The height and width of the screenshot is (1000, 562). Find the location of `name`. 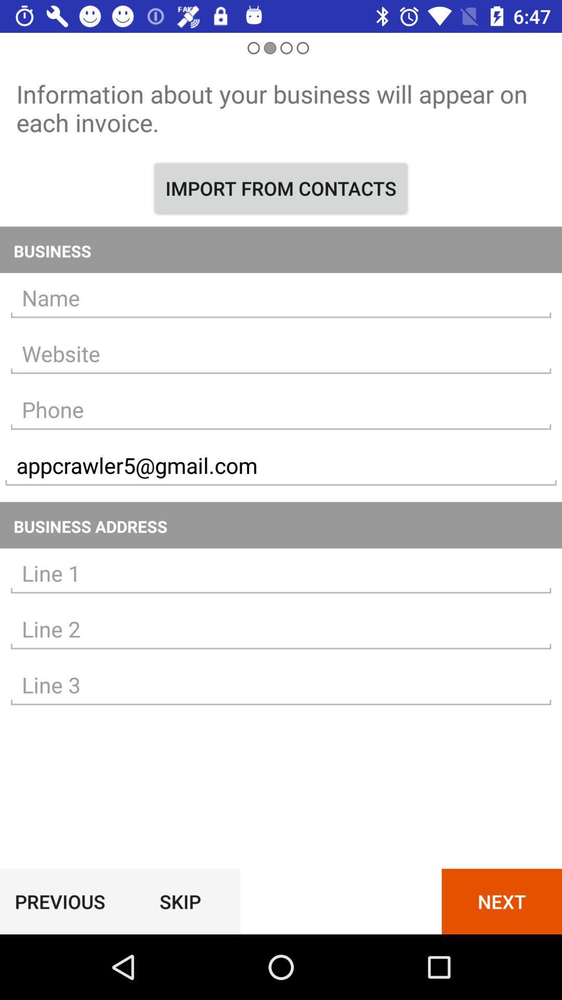

name is located at coordinates (281, 297).